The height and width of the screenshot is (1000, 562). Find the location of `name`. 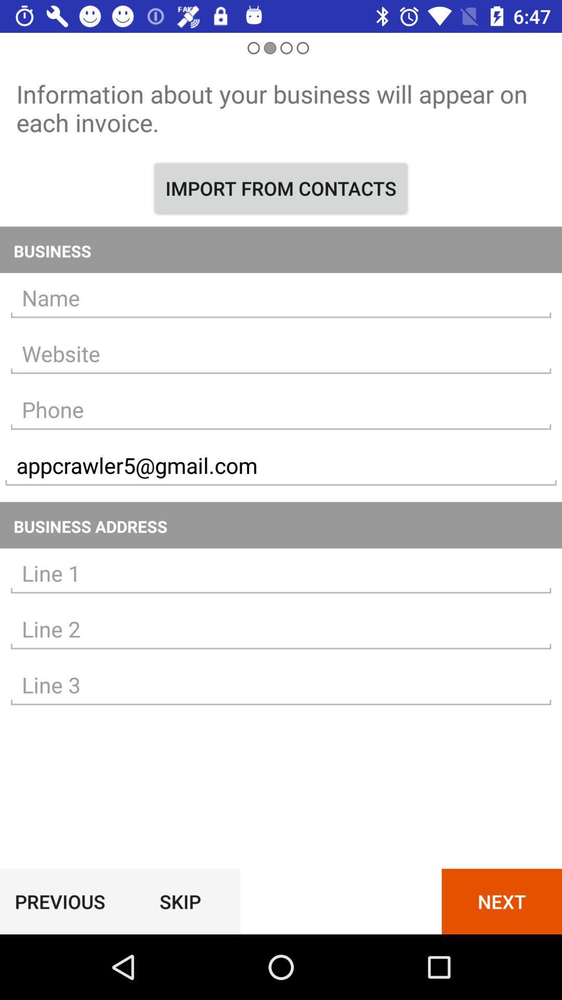

name is located at coordinates (281, 297).